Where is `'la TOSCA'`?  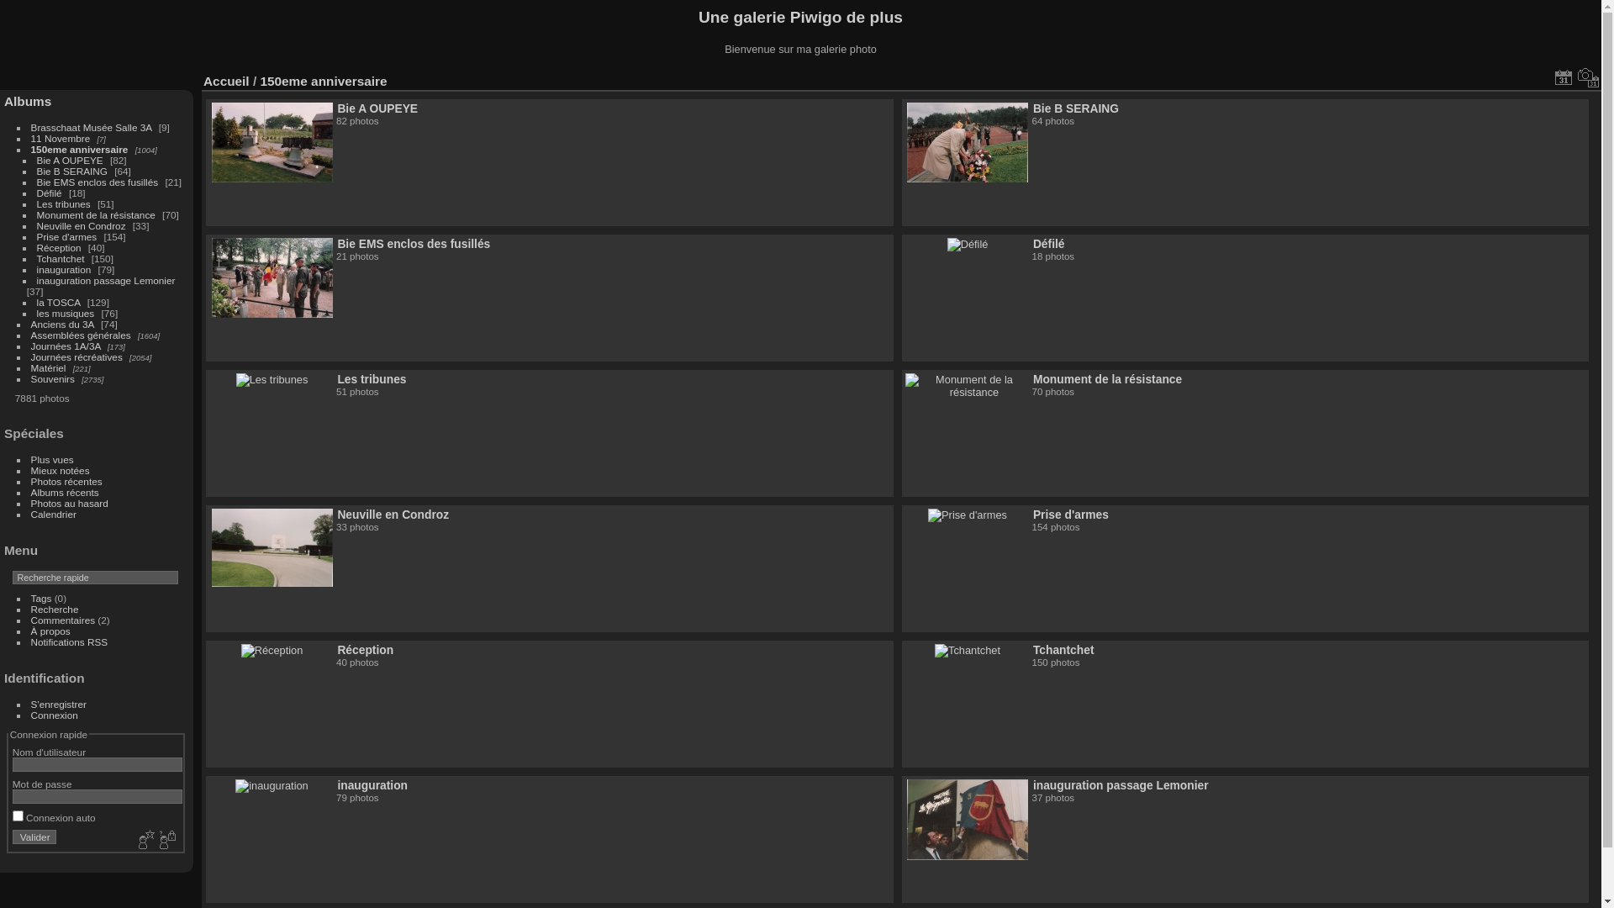 'la TOSCA' is located at coordinates (59, 301).